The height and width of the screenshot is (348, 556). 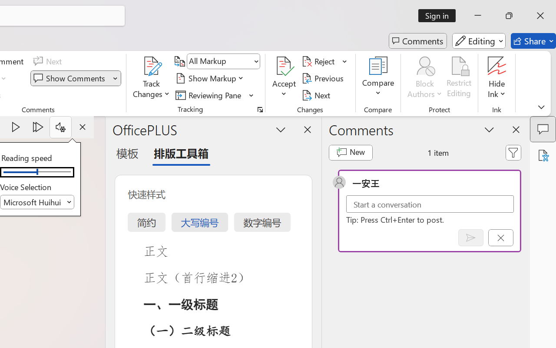 I want to click on 'Filter', so click(x=513, y=152).